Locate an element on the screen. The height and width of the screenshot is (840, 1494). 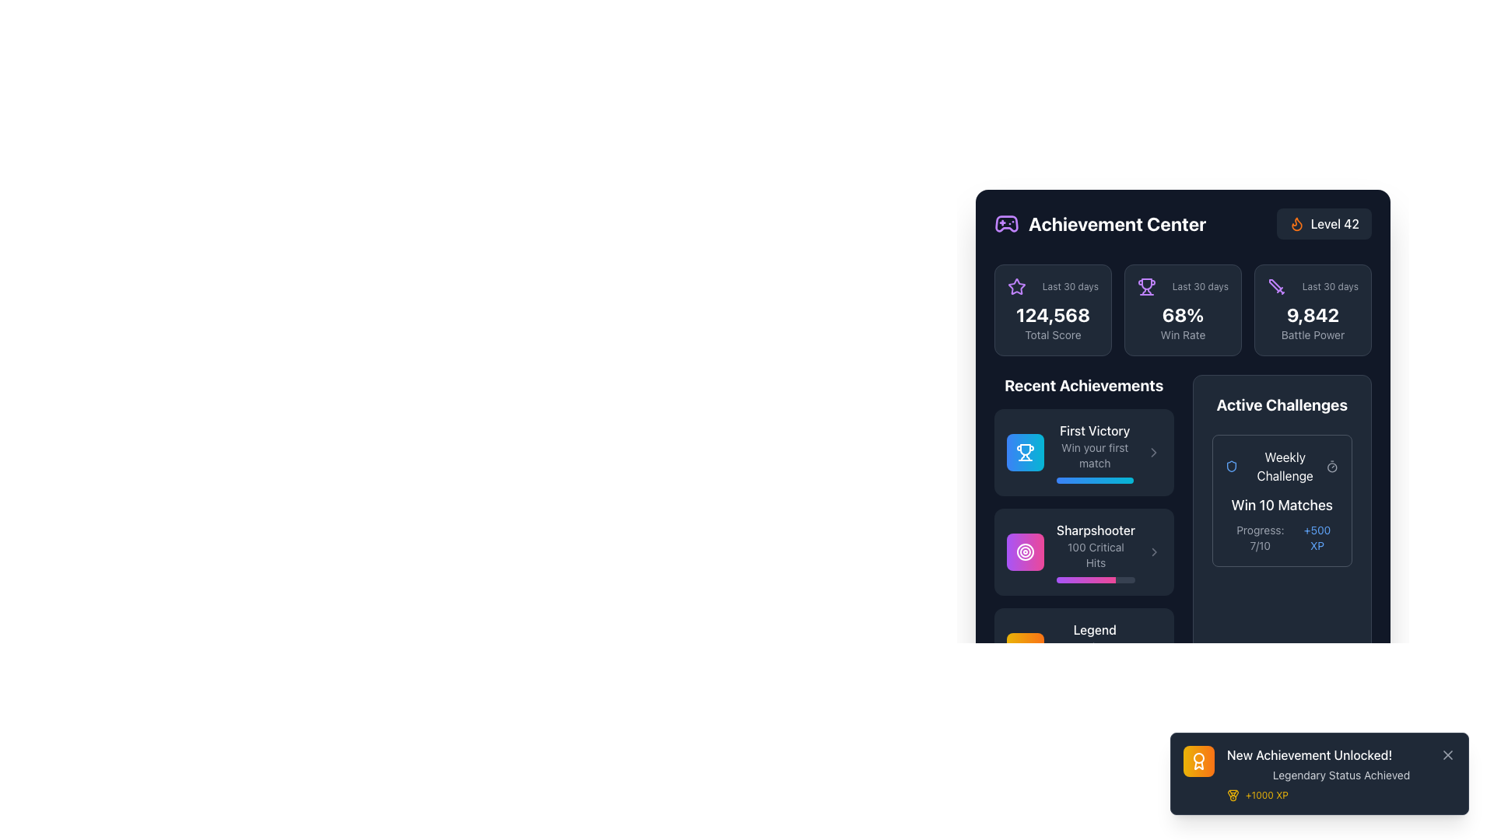
the Text Display element that shows the numerical value '9,842' in bold white text, representing 'Battle Power', located at the bottom right of the 'Last 30 days' stats section is located at coordinates (1312, 322).